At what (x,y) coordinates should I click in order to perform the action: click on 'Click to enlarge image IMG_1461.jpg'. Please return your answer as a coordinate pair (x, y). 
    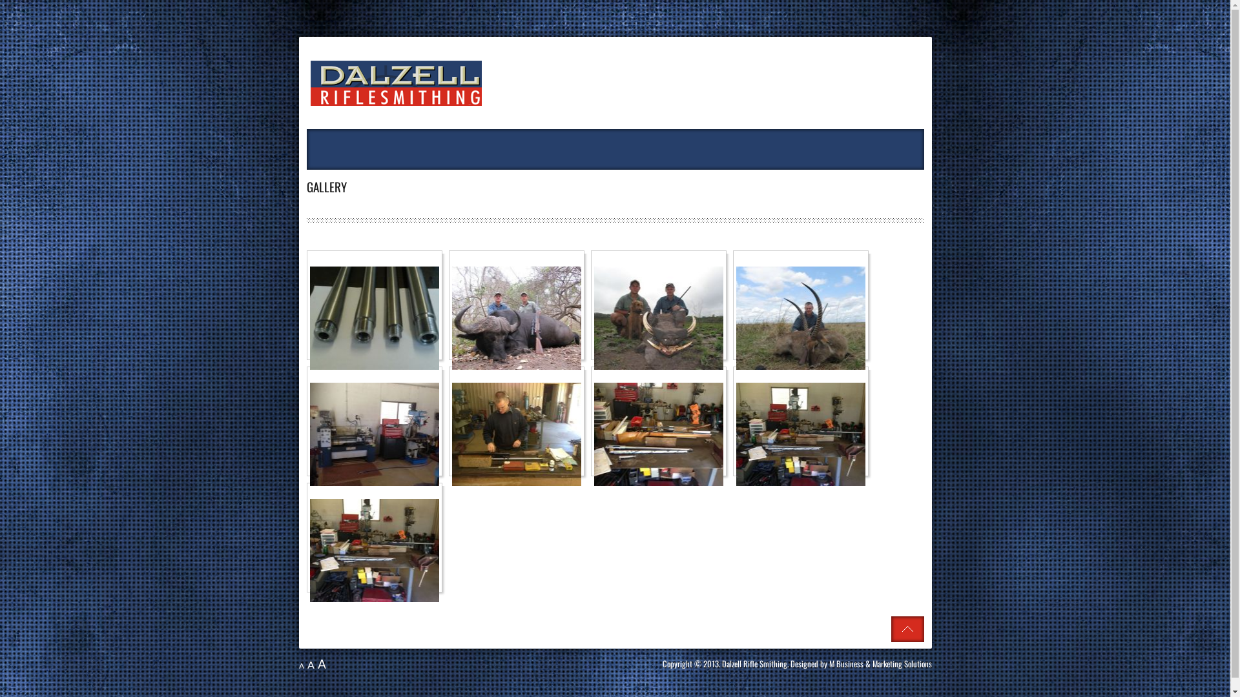
    Looking at the image, I should click on (310, 550).